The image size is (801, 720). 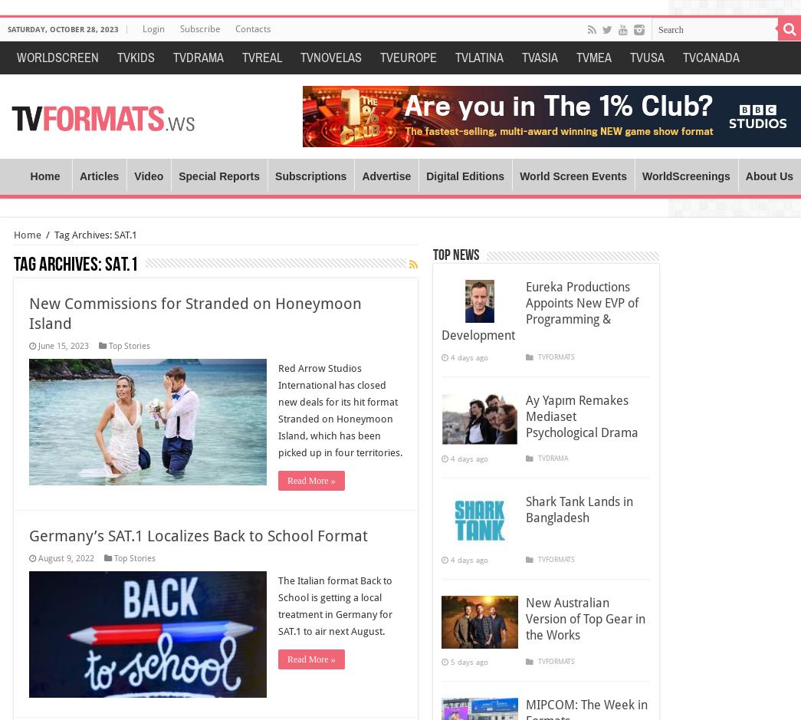 What do you see at coordinates (120, 265) in the screenshot?
I see `'SAT.1'` at bounding box center [120, 265].